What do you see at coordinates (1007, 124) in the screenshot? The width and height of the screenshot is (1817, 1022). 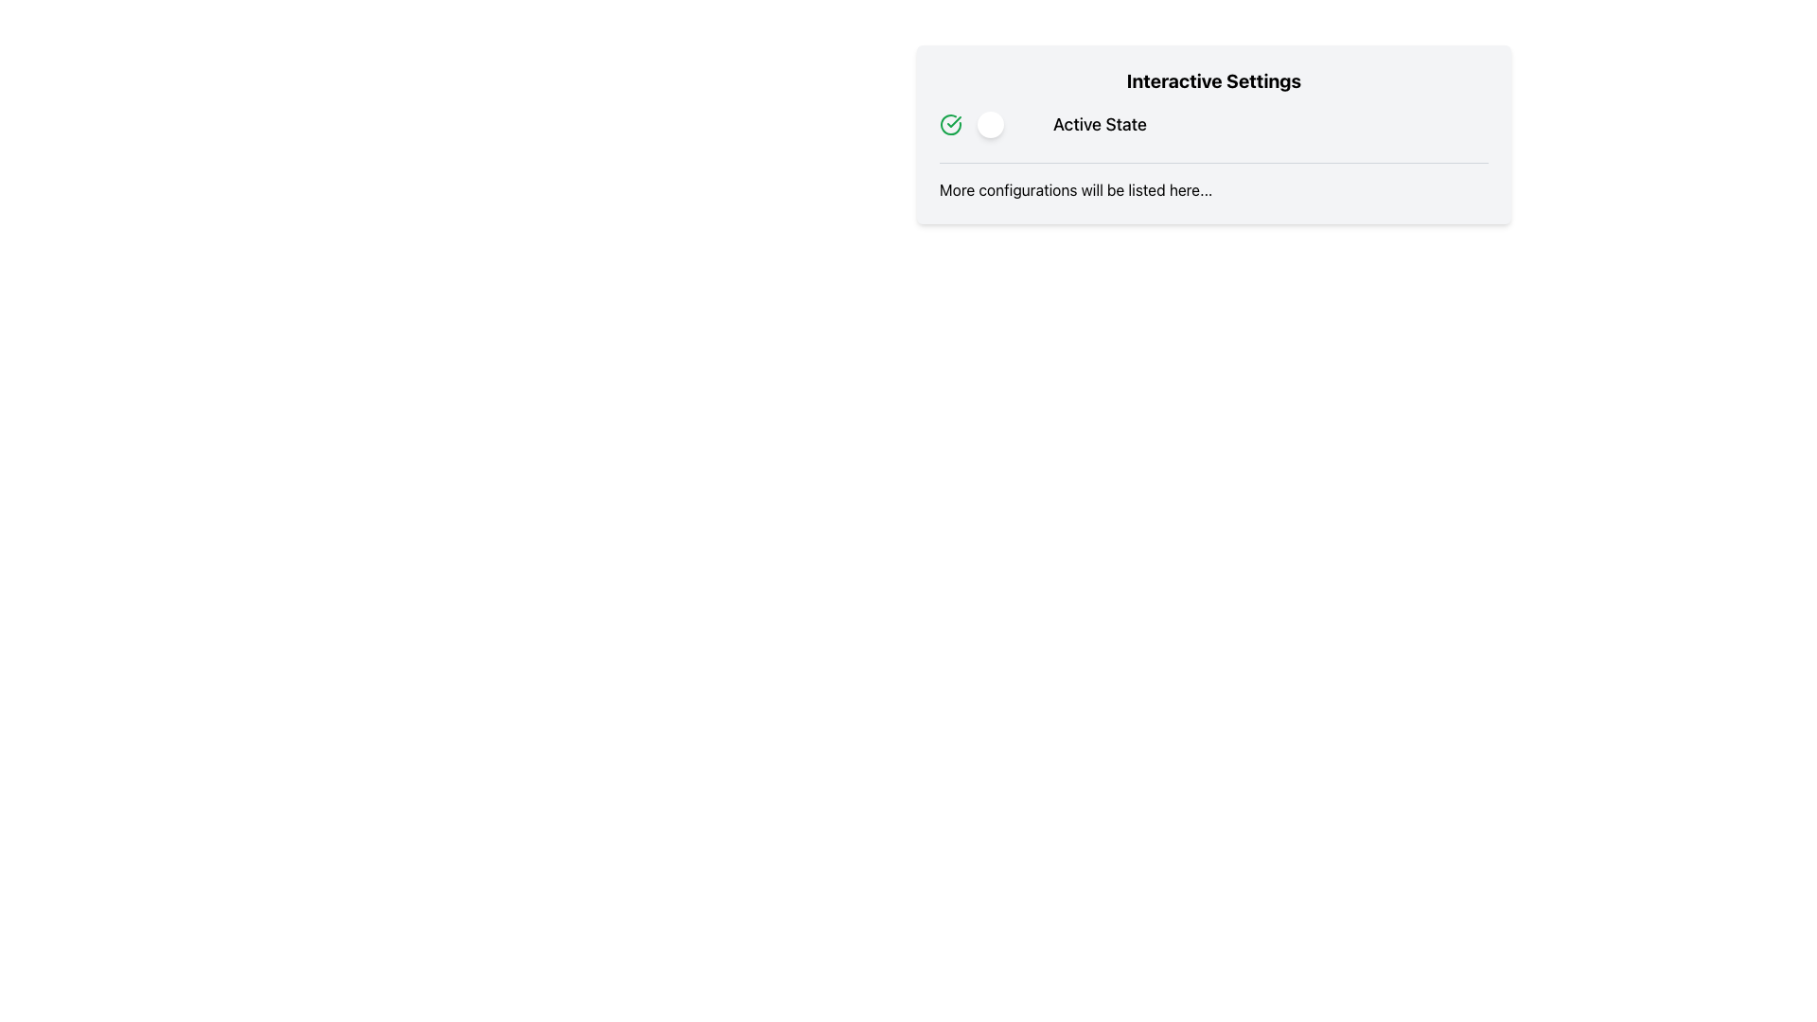 I see `the Toggle Switch for the 'Active State' feature` at bounding box center [1007, 124].